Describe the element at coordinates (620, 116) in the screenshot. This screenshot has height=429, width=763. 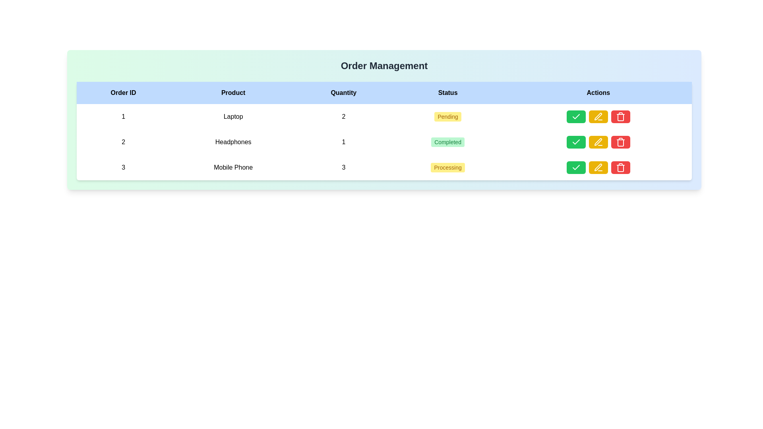
I see `the red button with a trash can icon to observe the visual feedback of the hover styling` at that location.